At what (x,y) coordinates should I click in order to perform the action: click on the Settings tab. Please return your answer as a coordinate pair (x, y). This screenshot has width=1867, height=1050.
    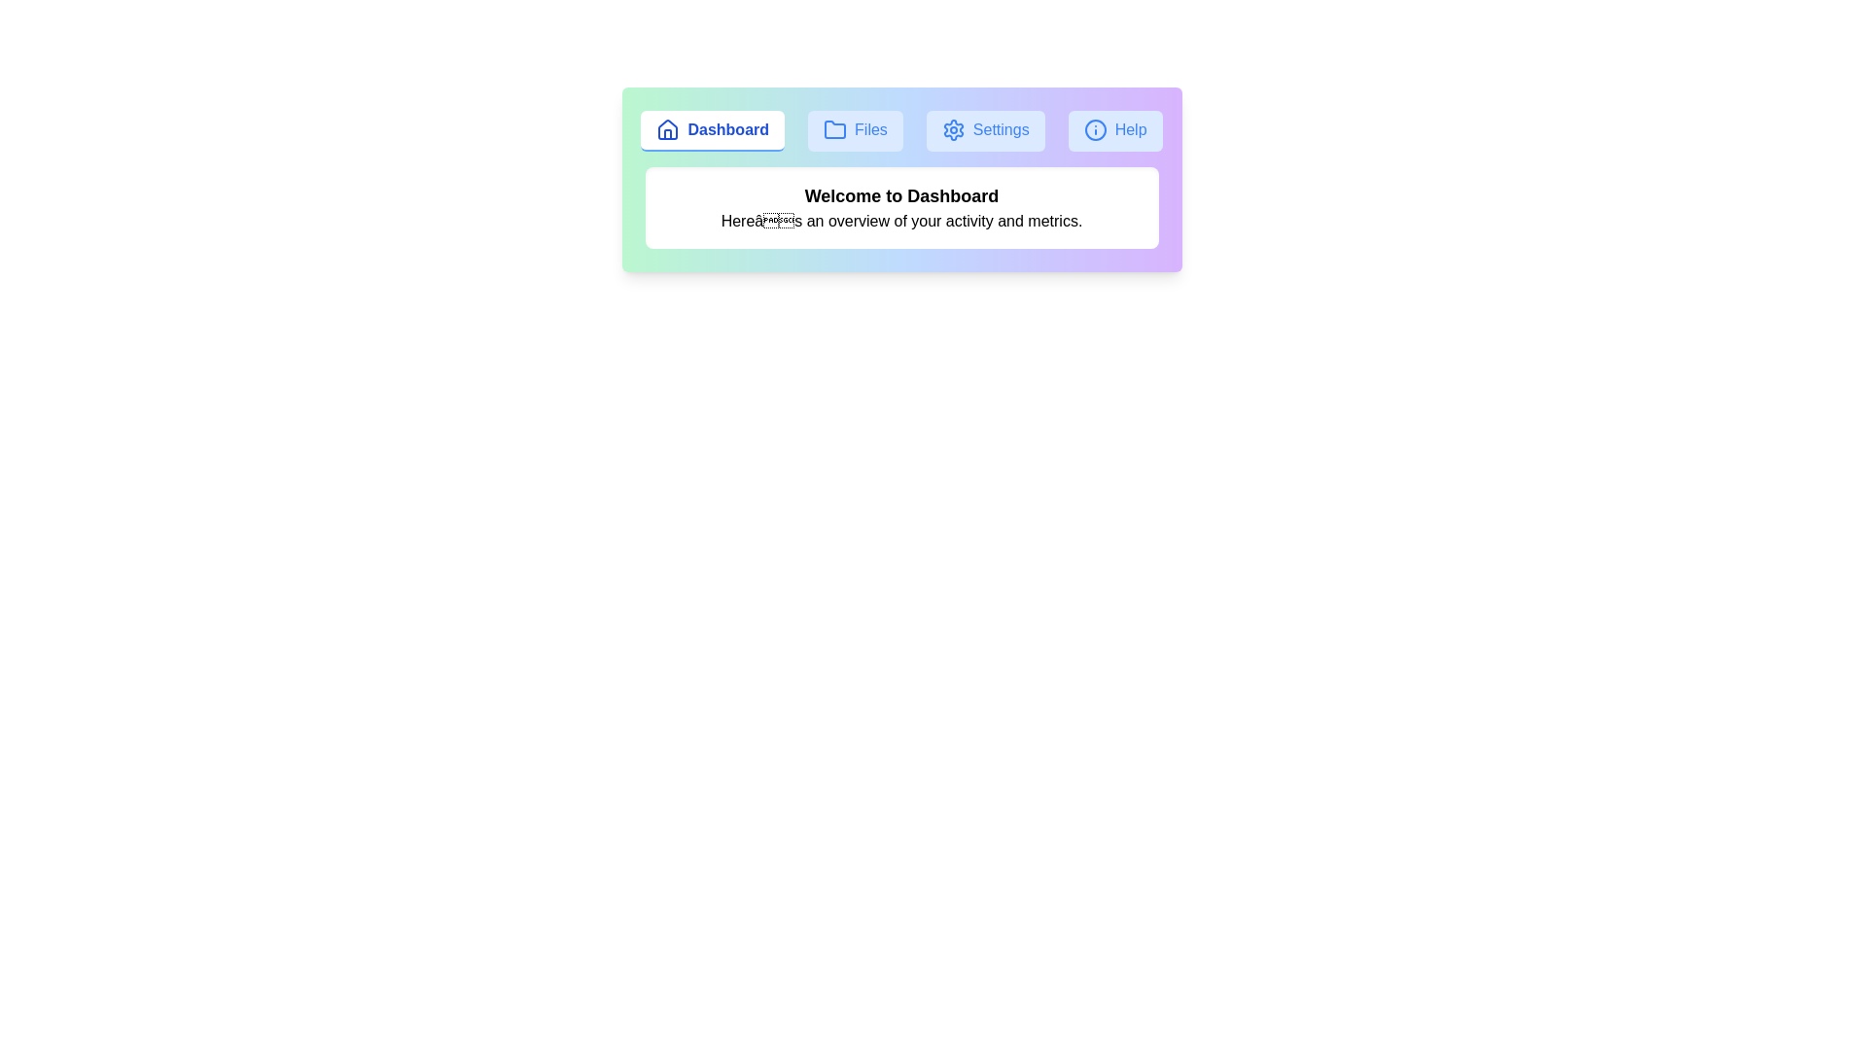
    Looking at the image, I should click on (985, 131).